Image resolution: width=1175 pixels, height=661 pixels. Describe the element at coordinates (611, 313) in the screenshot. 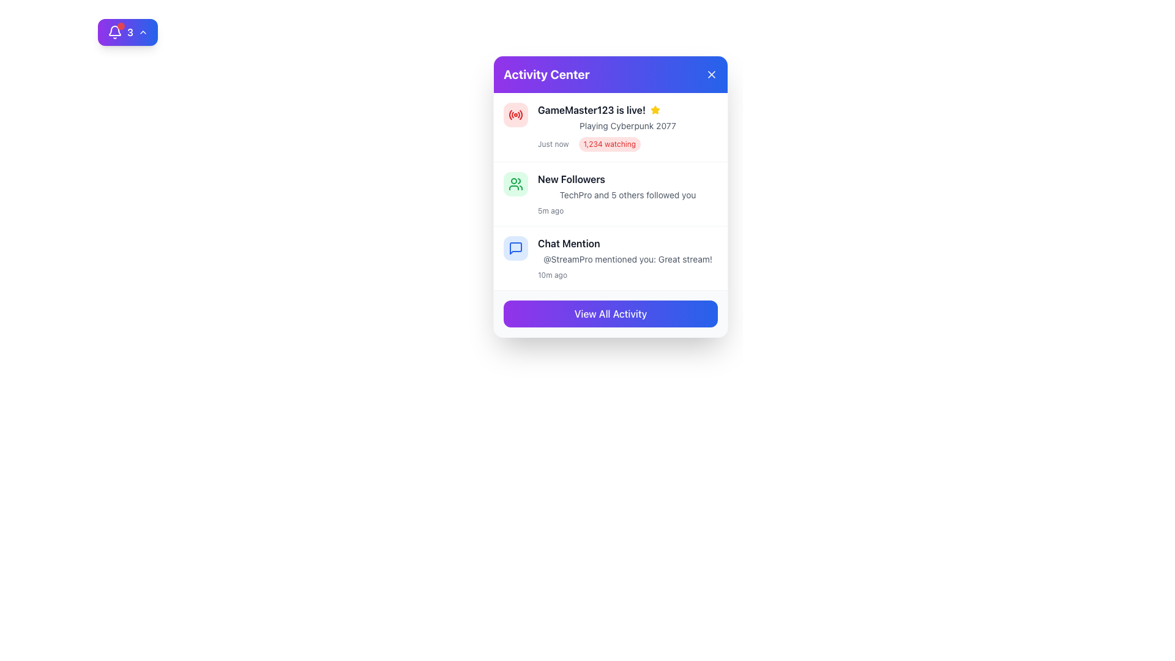

I see `the navigation button located at the bottom of the 'Activity Center' panel` at that location.